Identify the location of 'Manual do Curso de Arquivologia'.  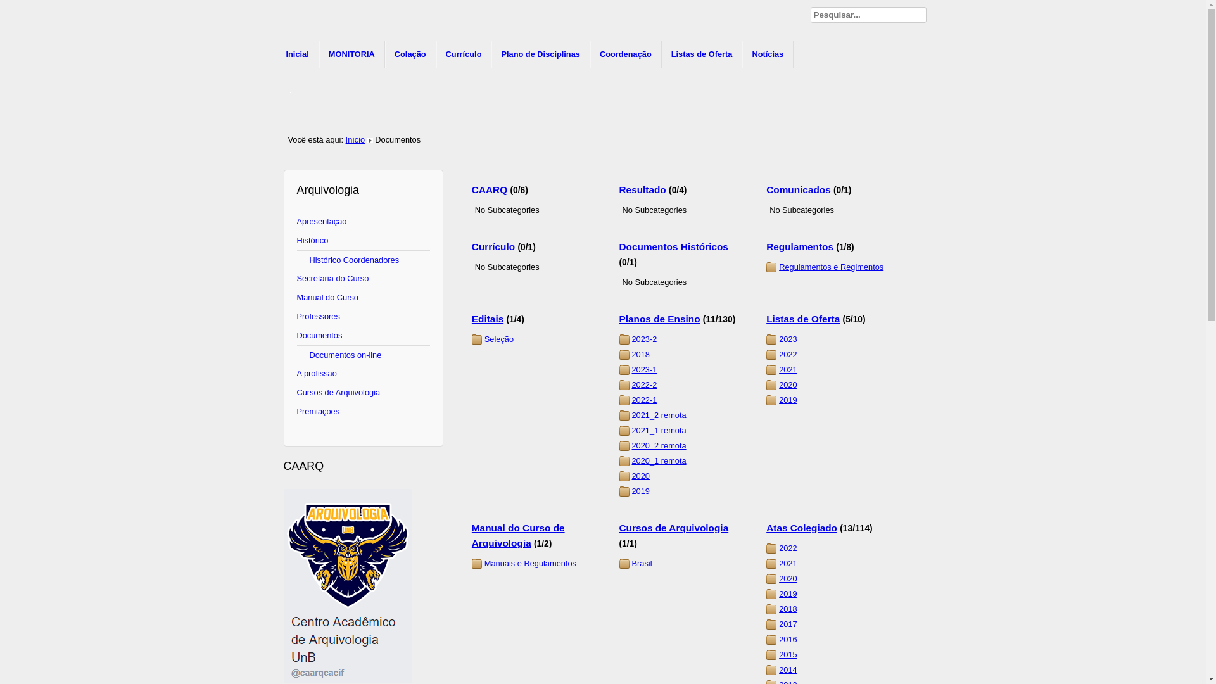
(518, 535).